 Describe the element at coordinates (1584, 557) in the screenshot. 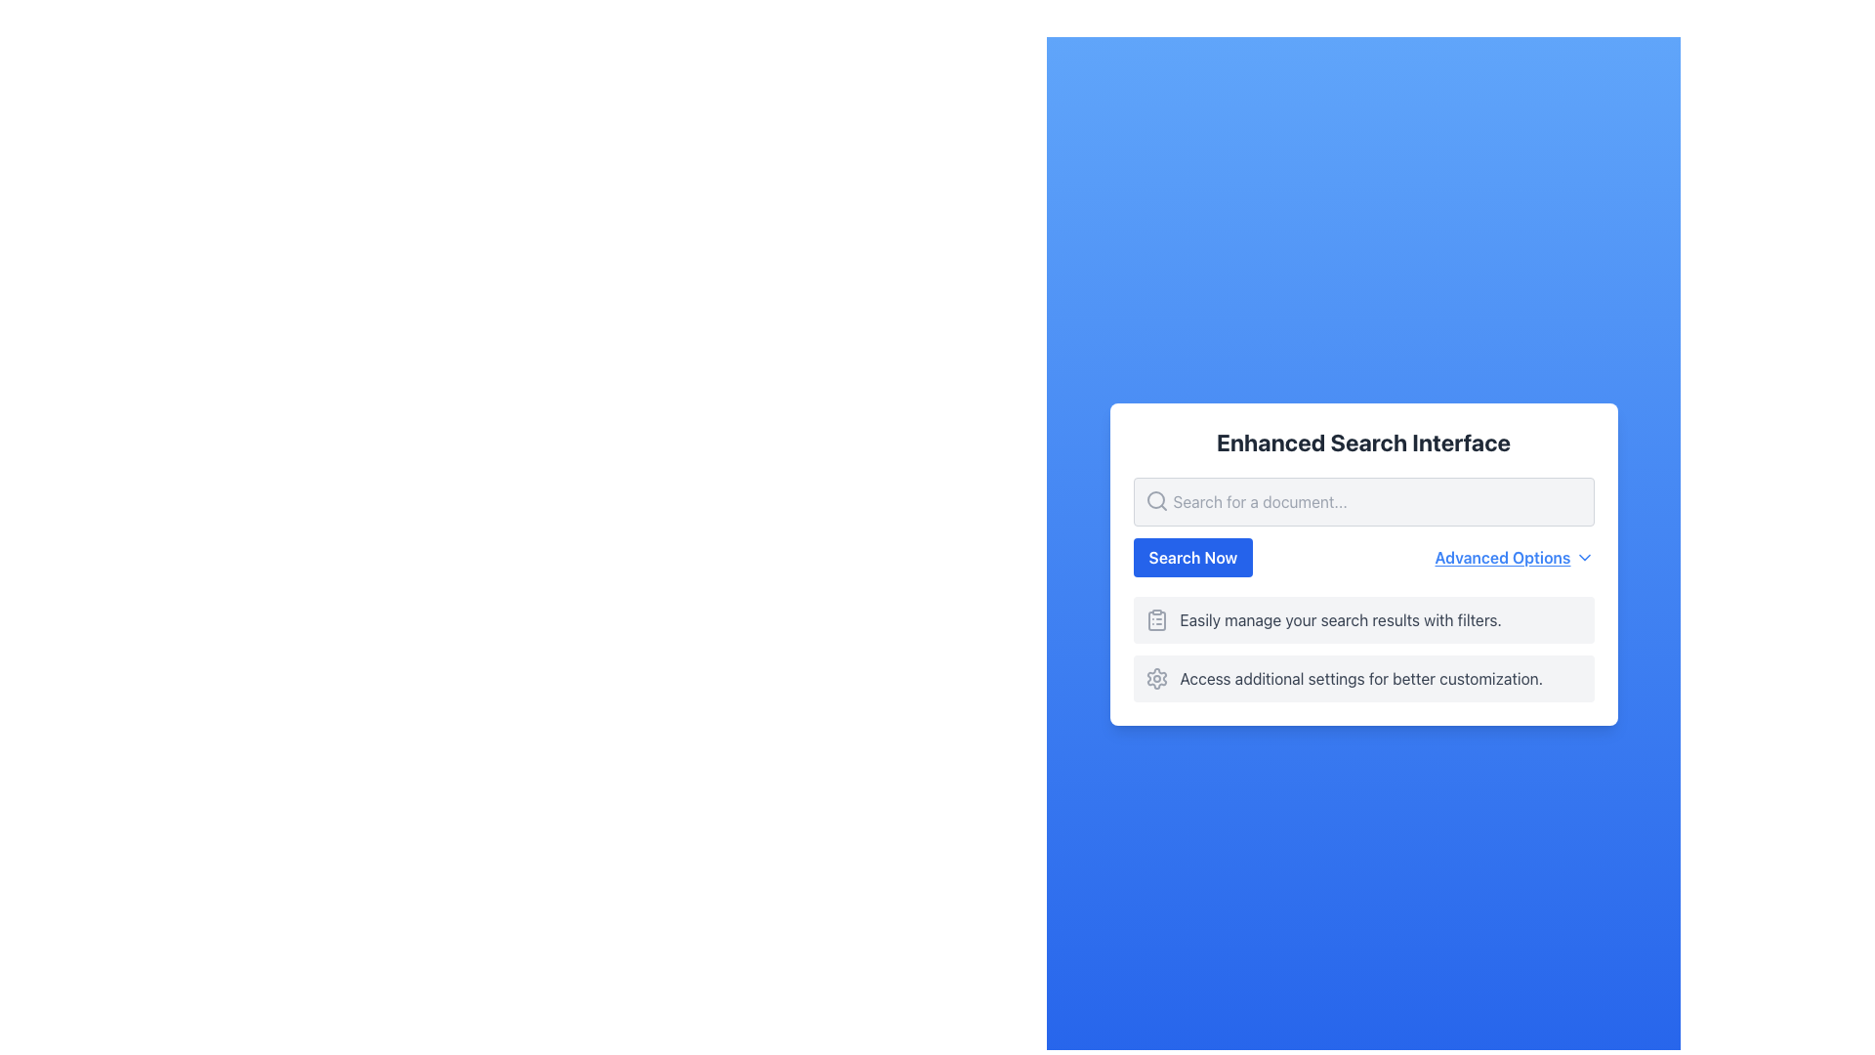

I see `the downward-pointing chevron icon next to the 'Advanced Options' text` at that location.